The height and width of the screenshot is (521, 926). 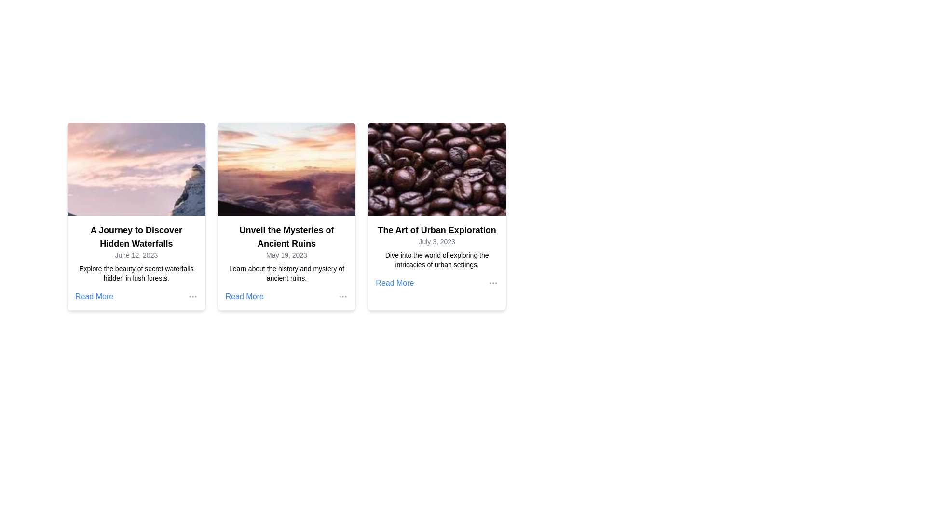 What do you see at coordinates (286, 236) in the screenshot?
I see `text displayed in the title element that says 'Unveil the Mysteries of Ancient Ruins', which is prominently styled and located at the top of the middle card in a three-card layout` at bounding box center [286, 236].